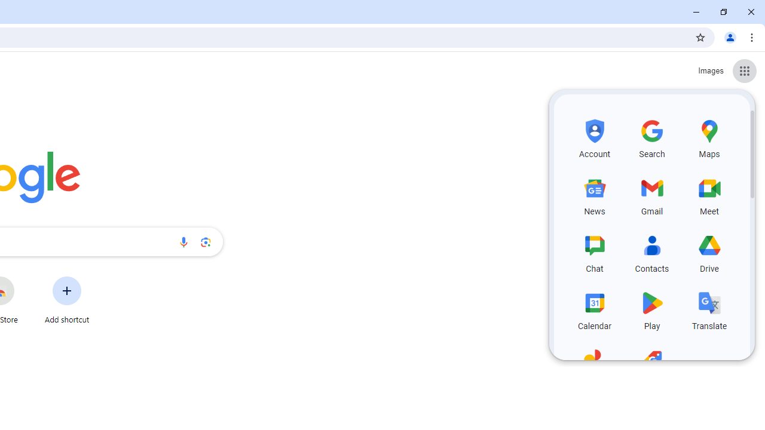  I want to click on 'Photos, row 5 of 5 and column 1 of 3 in the first section', so click(595, 365).